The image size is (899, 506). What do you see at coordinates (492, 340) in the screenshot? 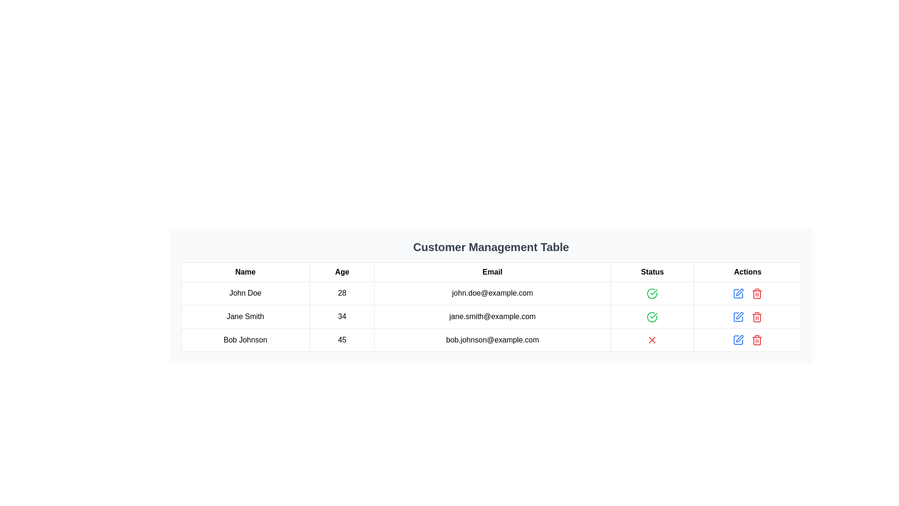
I see `the text element displaying the email address of user Bob Johnson, located in the third row of the table under the 'Email' column` at bounding box center [492, 340].